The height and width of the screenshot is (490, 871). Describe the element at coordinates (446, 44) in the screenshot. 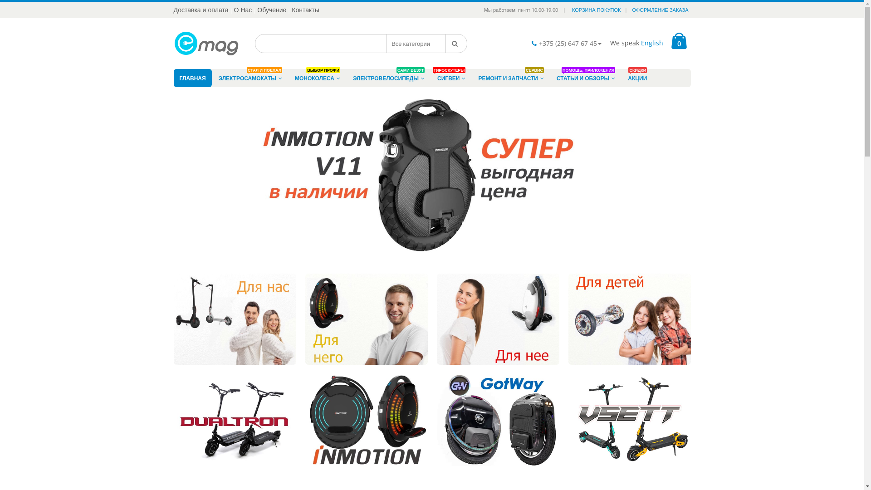

I see `'Search'` at that location.